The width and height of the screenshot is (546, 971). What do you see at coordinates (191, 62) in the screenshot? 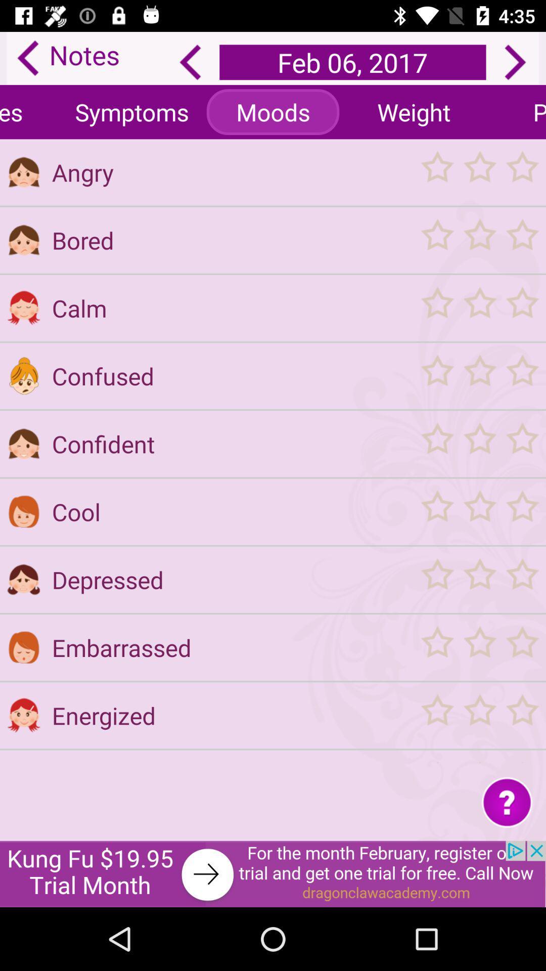
I see `move to right of notes` at bounding box center [191, 62].